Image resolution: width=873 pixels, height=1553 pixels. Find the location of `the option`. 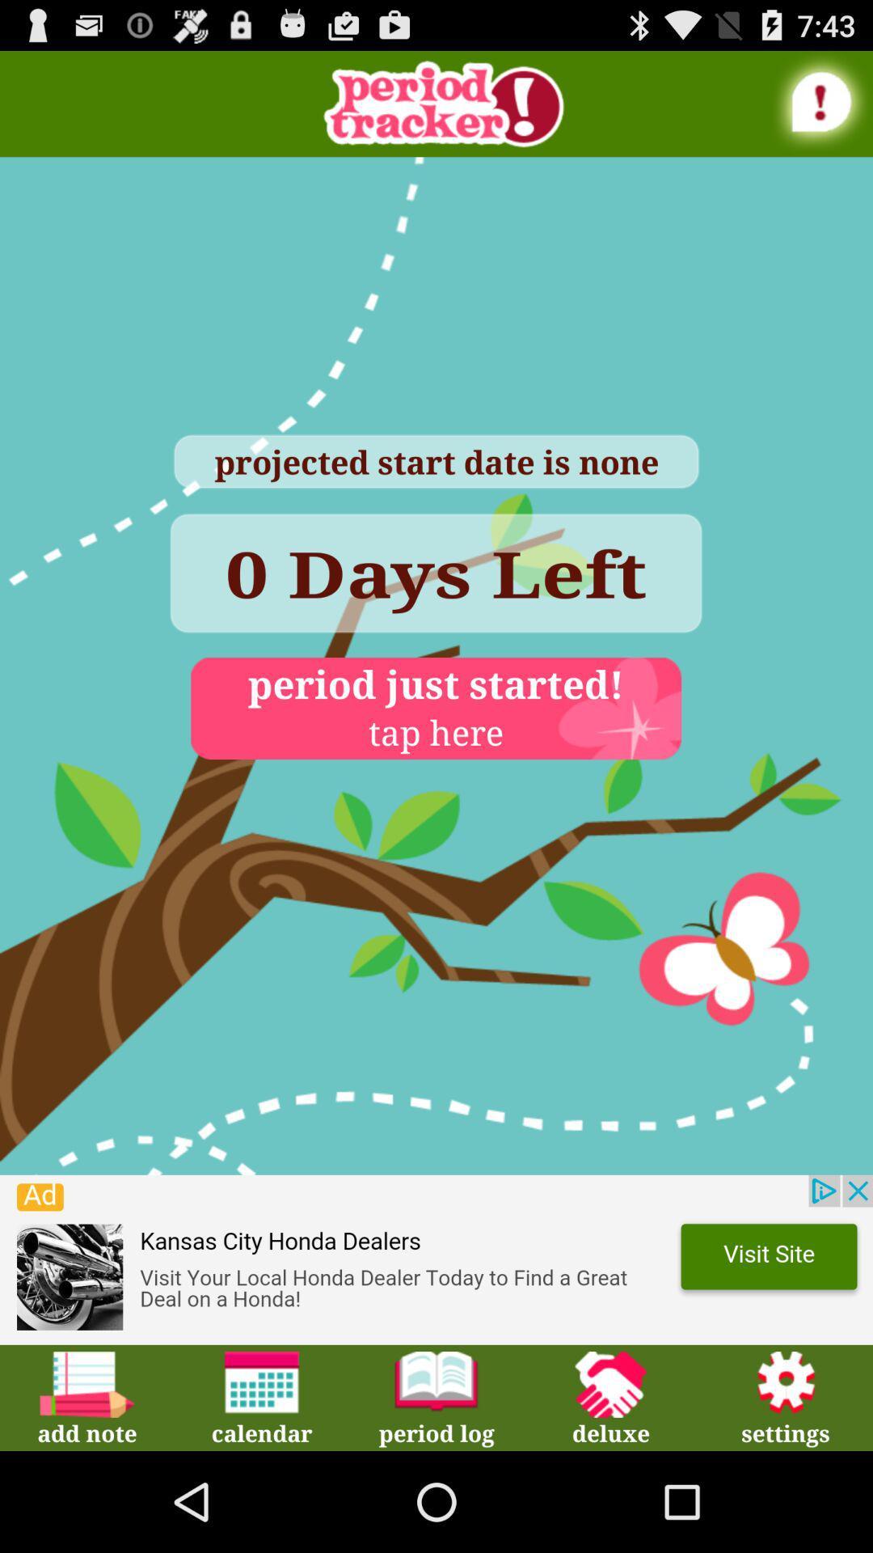

the option is located at coordinates (436, 1259).